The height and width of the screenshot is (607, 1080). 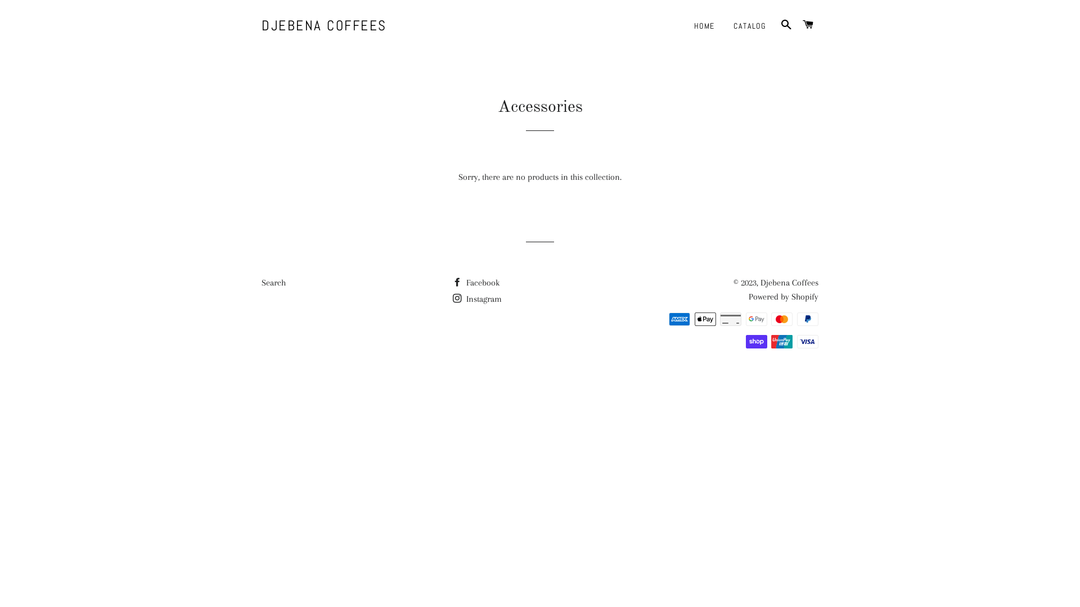 I want to click on 'HOME', so click(x=704, y=25).